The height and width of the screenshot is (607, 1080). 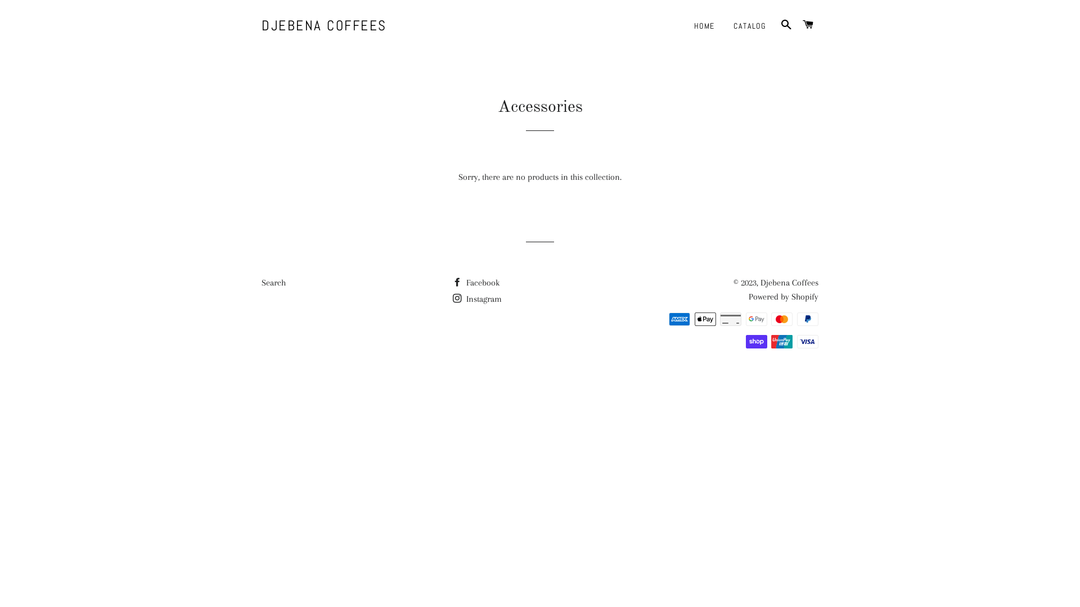 I want to click on 'HOME', so click(x=704, y=25).